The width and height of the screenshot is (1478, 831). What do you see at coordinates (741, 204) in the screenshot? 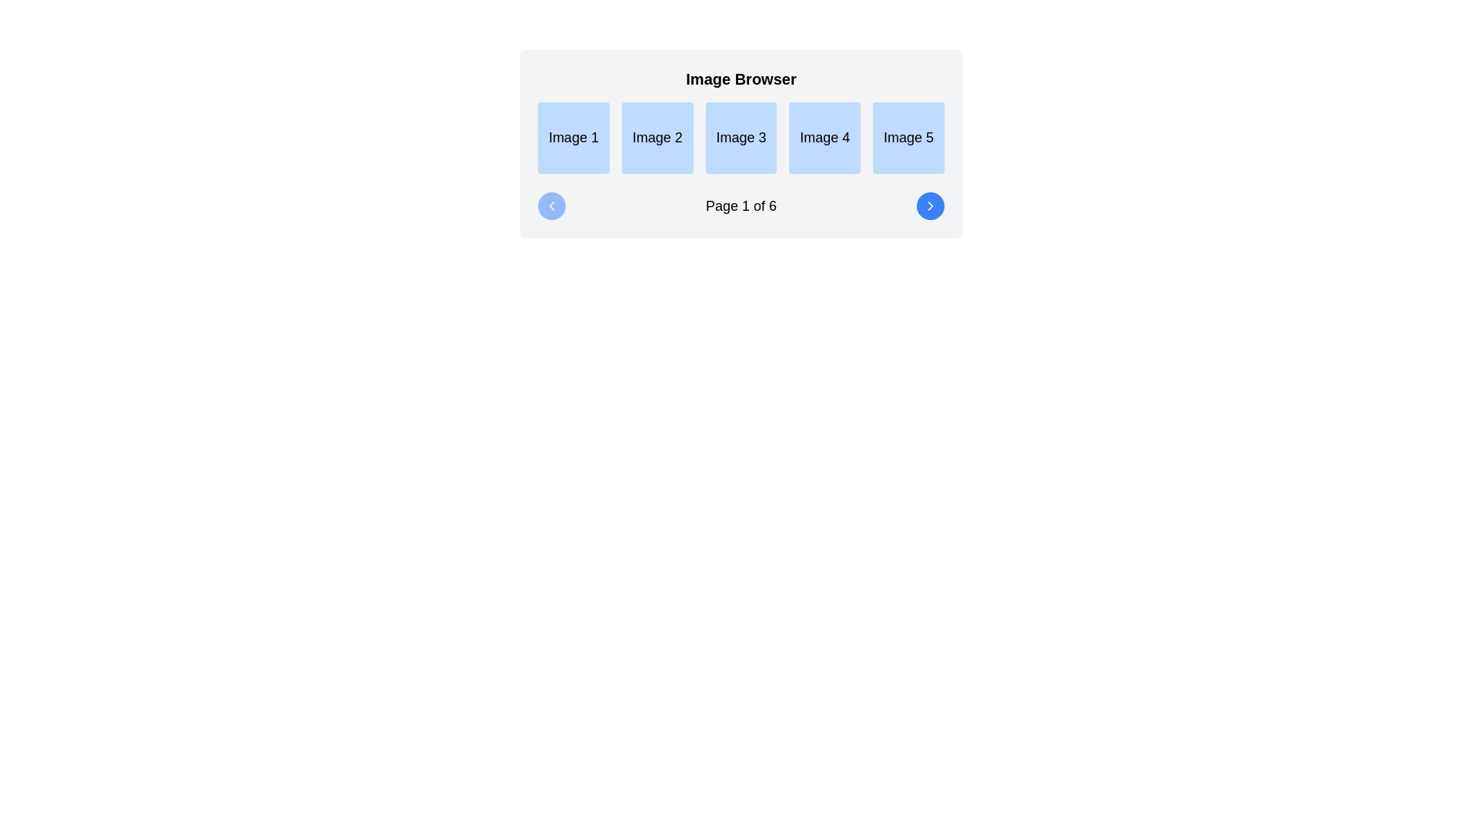
I see `the pagination information text that indicates the current page number ('1') and total pages ('6'), located centrally near the bottom of the layout within a navigation bar` at bounding box center [741, 204].